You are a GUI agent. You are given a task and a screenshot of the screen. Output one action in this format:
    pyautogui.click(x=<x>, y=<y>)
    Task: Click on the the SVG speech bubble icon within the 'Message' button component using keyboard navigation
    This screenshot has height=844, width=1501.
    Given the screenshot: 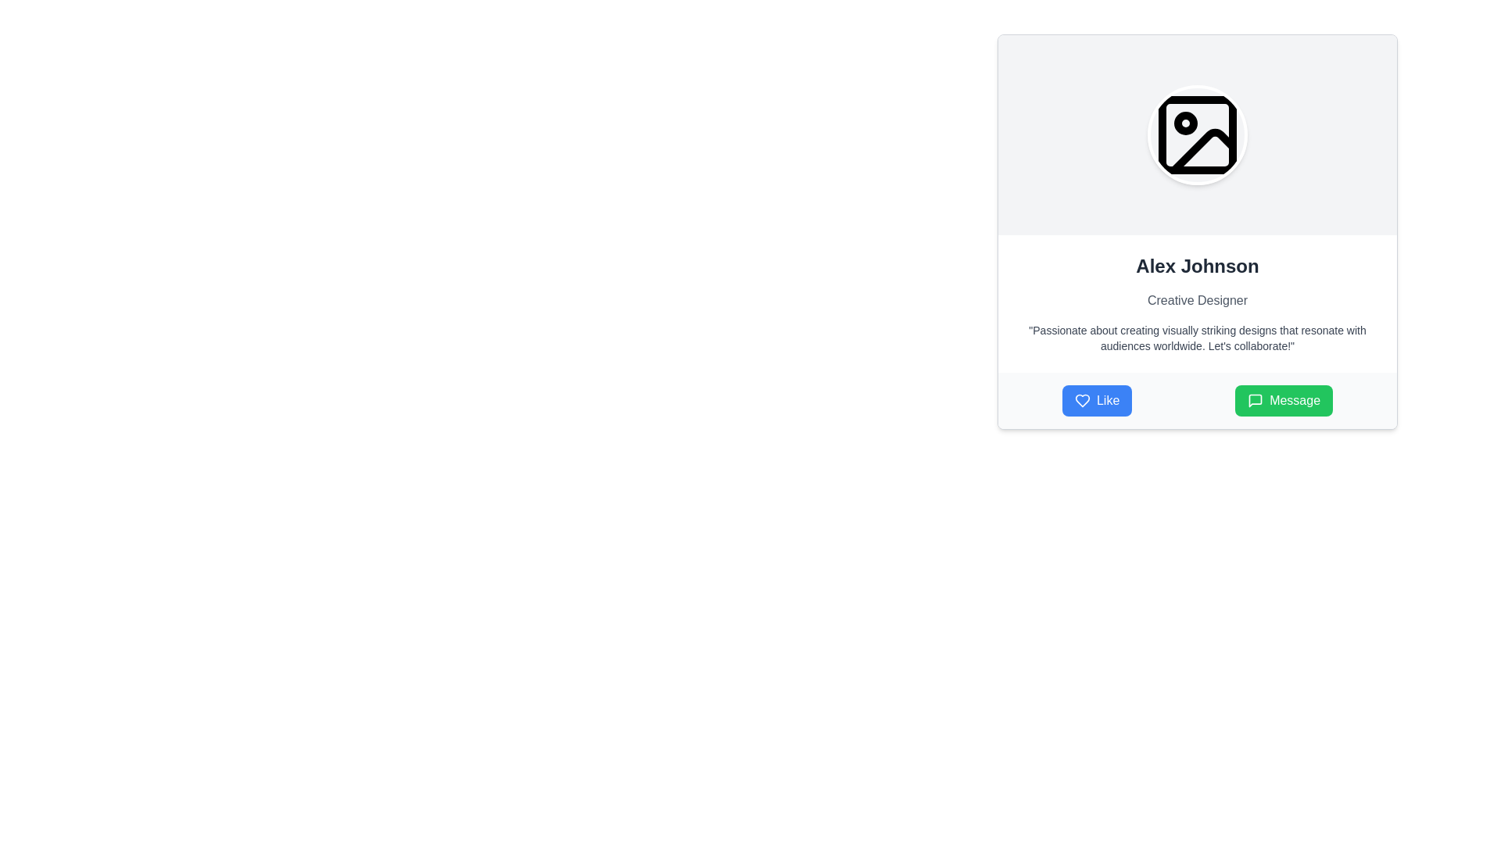 What is the action you would take?
    pyautogui.click(x=1256, y=400)
    